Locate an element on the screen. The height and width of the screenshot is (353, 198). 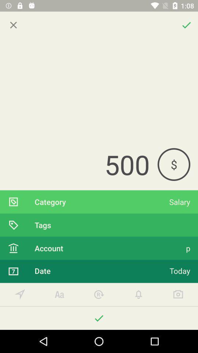
press to get notifications is located at coordinates (139, 295).